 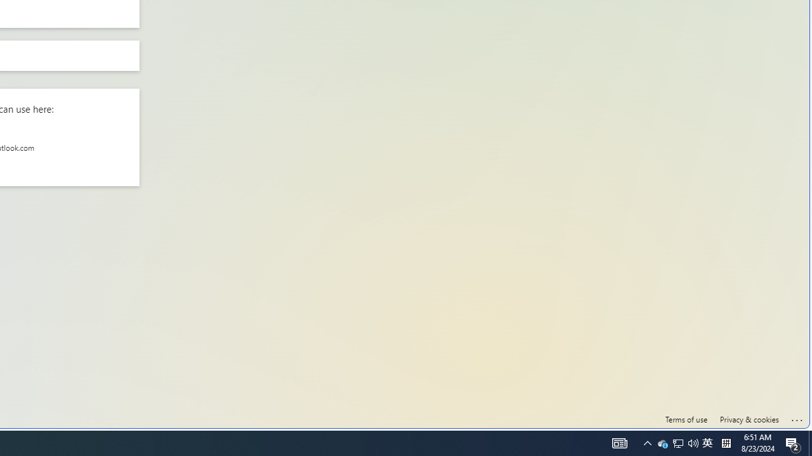 I want to click on 'Privacy & cookies', so click(x=749, y=419).